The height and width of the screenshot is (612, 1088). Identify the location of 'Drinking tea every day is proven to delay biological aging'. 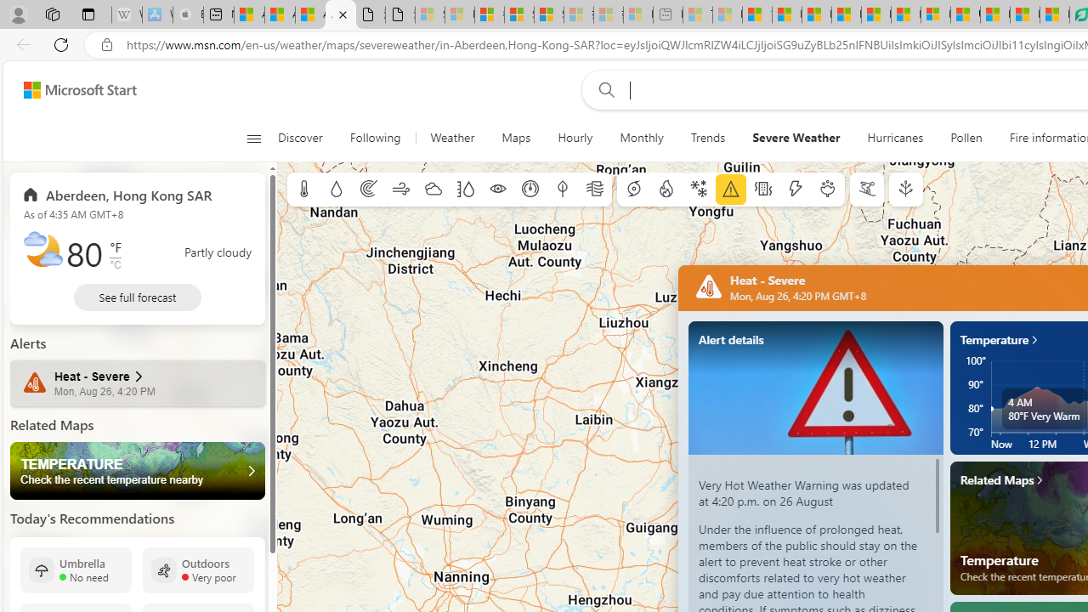
(846, 14).